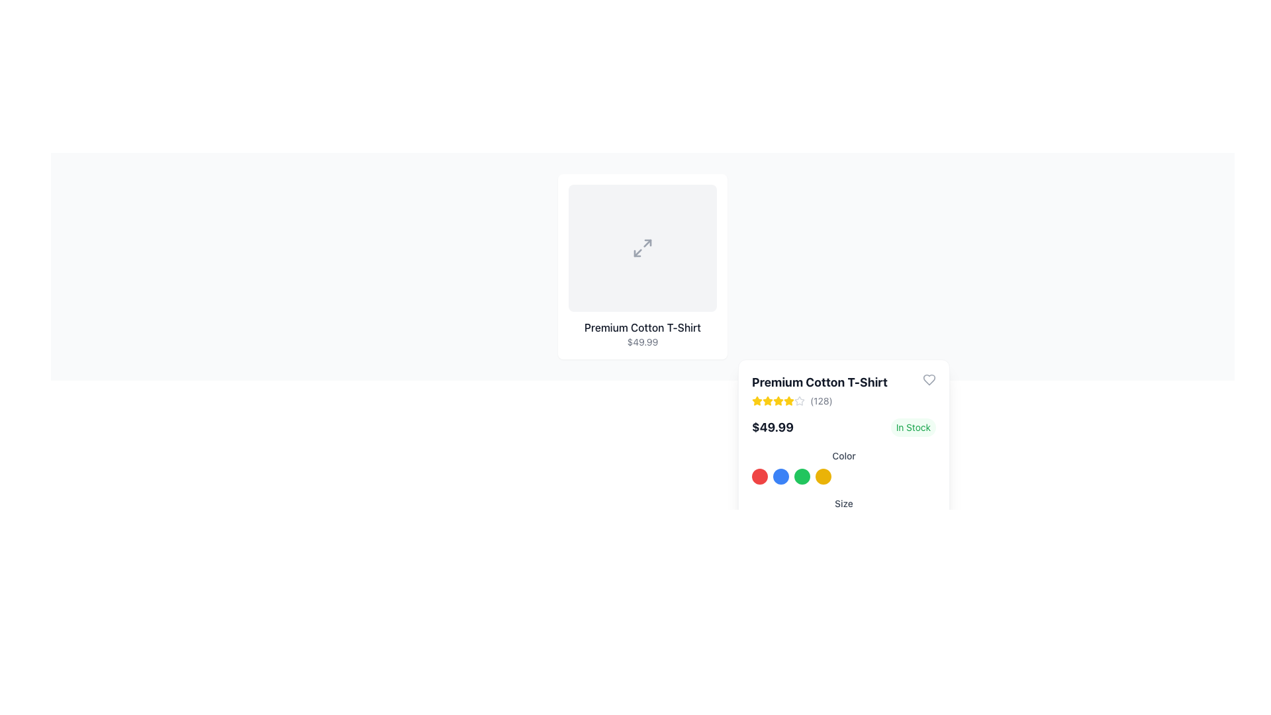 The image size is (1271, 715). What do you see at coordinates (642, 248) in the screenshot?
I see `the interactive icon resembling a diagonal arrow pointing outward, which is used for expanding or maximizing content` at bounding box center [642, 248].